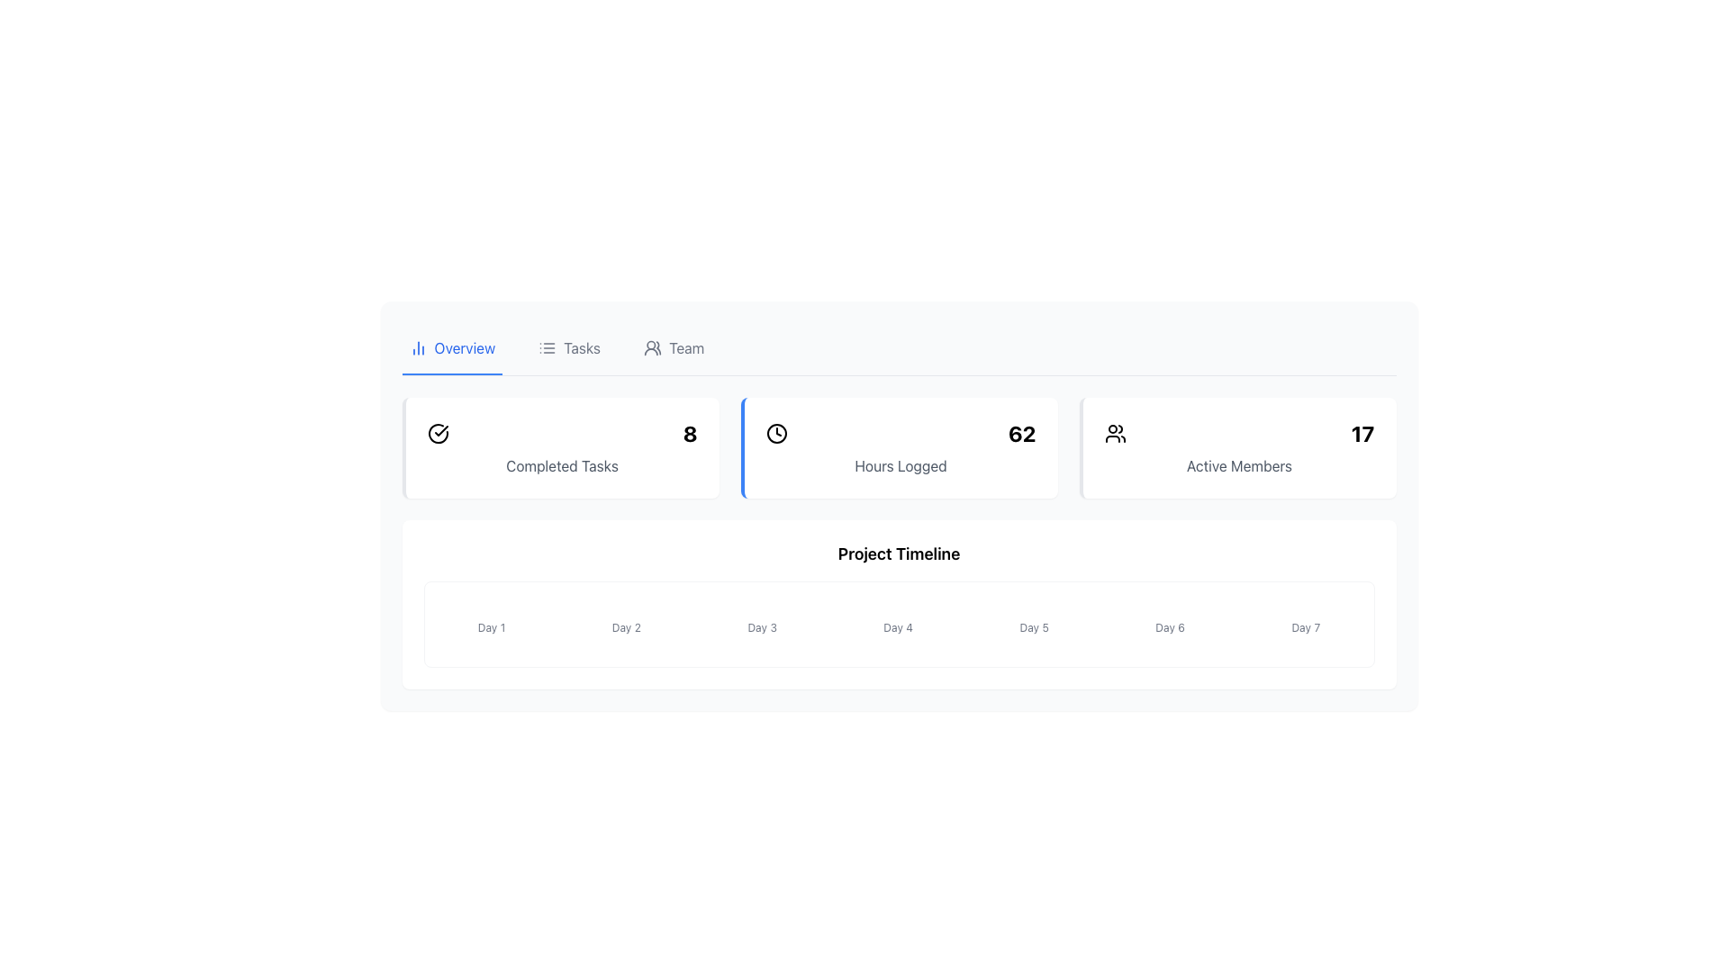 This screenshot has width=1729, height=972. Describe the element at coordinates (762, 624) in the screenshot. I see `the 'Day 3' text in the vertically aligned label and indicator combination for potential interaction` at that location.